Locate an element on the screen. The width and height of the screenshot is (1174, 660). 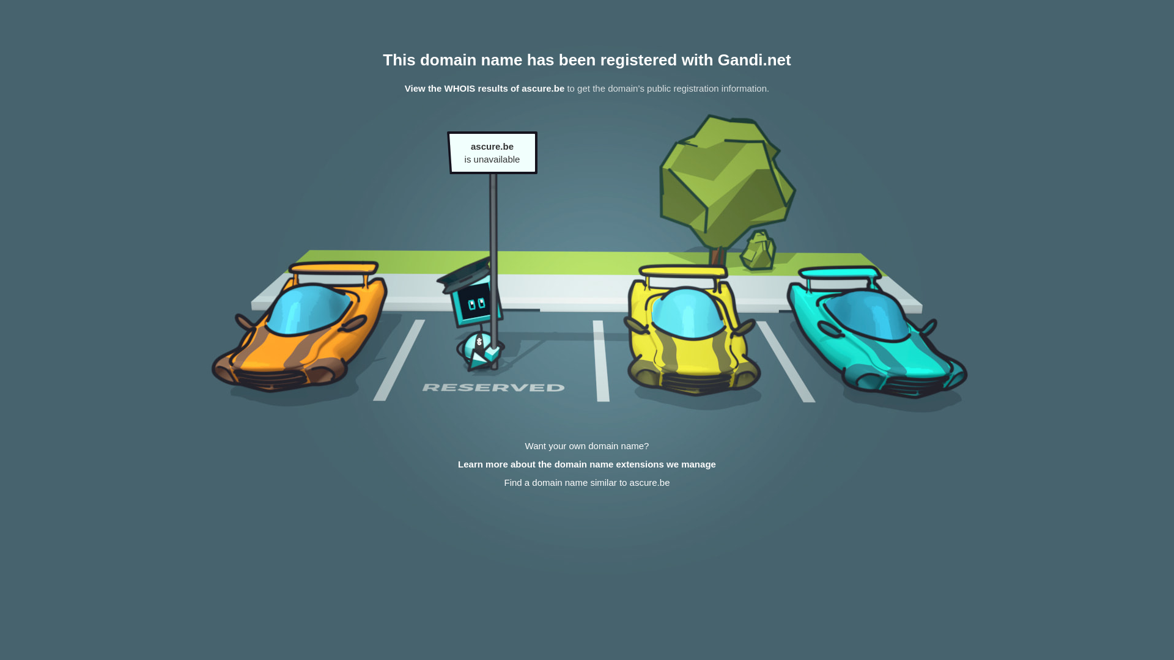
'Find a domain name similar to ascure.be' is located at coordinates (587, 482).